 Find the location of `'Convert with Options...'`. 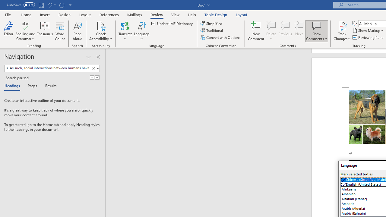

'Convert with Options...' is located at coordinates (220, 37).